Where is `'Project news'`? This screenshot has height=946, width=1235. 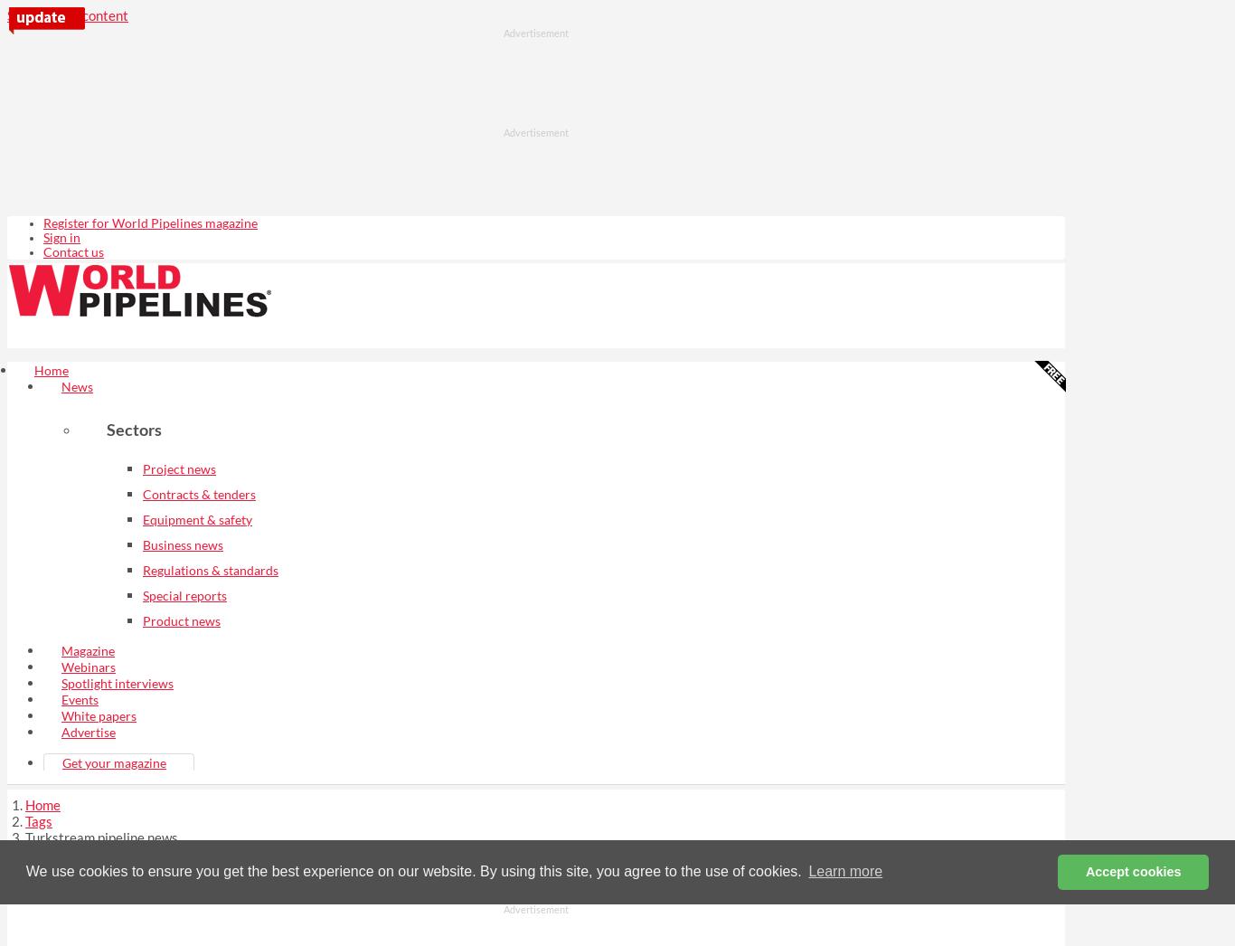 'Project news' is located at coordinates (178, 468).